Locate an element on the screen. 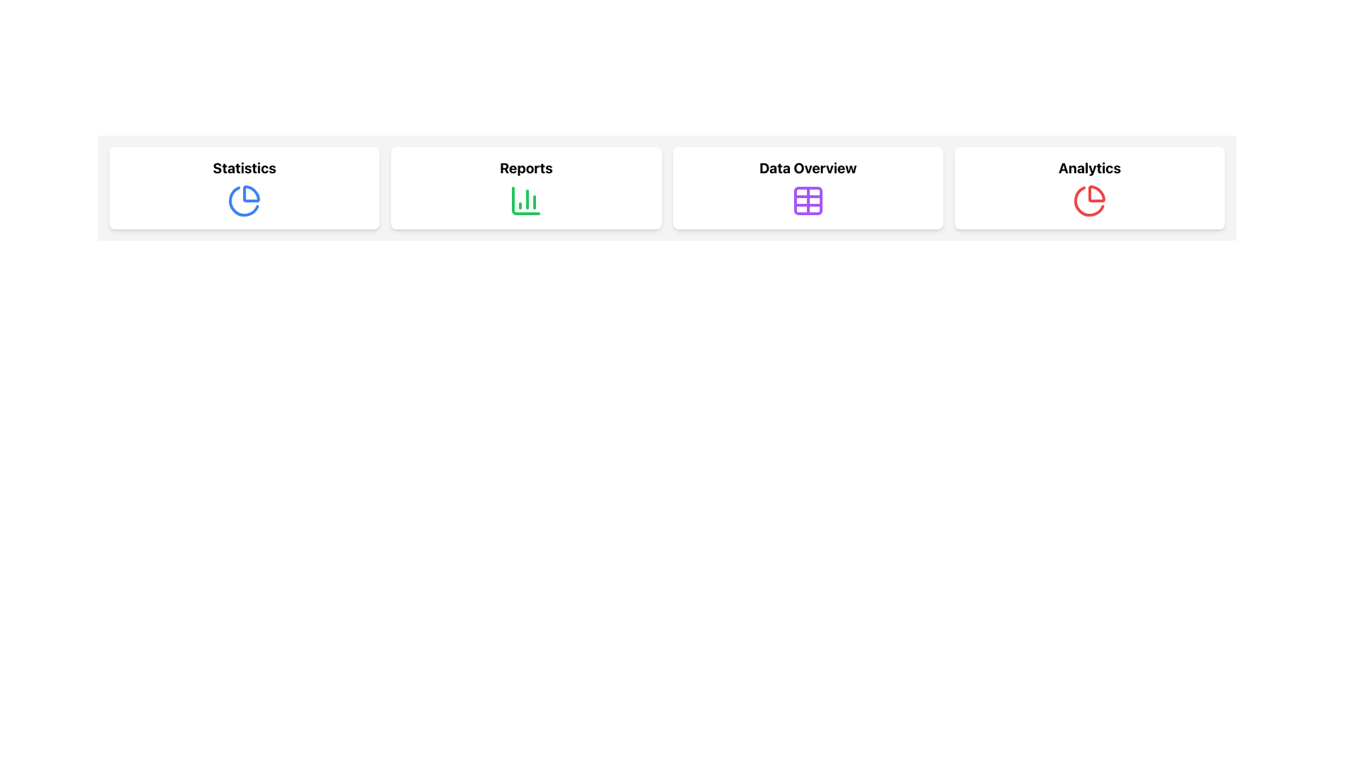 This screenshot has width=1365, height=767. the graphical icon representing the 'Data Overview' feature within the table icon in the horizontal navigation menu is located at coordinates (808, 200).